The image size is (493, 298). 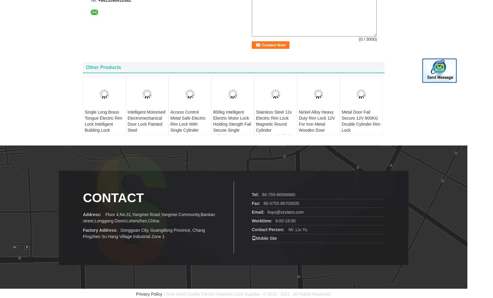 What do you see at coordinates (285, 202) in the screenshot?
I see `'liuyu@szvians.com'` at bounding box center [285, 202].